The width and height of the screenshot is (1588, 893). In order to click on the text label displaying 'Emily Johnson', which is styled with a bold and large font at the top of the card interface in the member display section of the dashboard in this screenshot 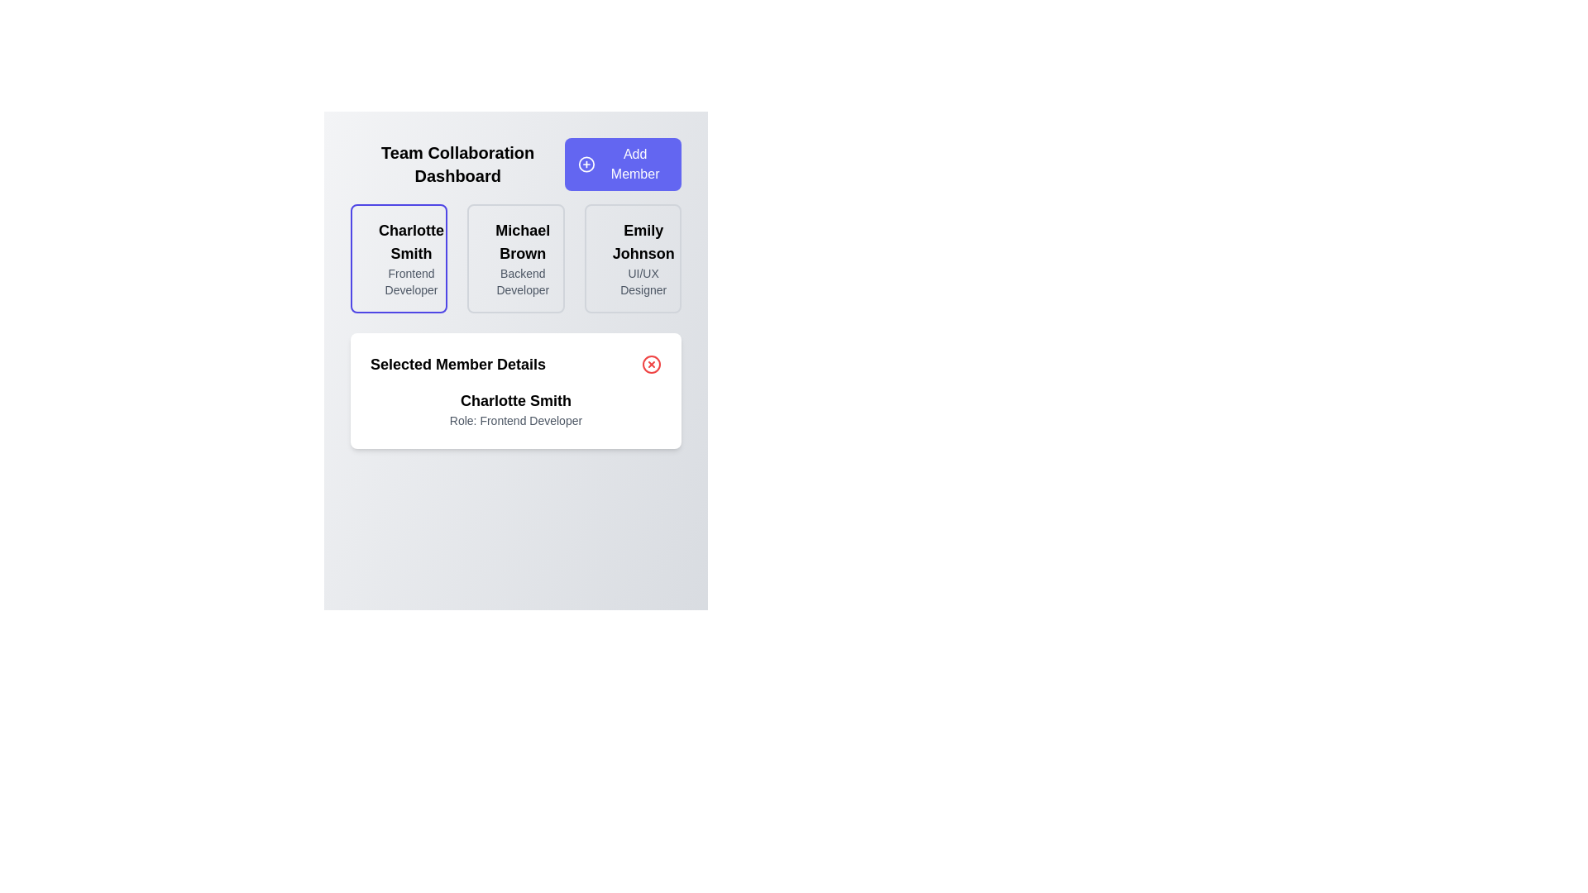, I will do `click(643, 242)`.